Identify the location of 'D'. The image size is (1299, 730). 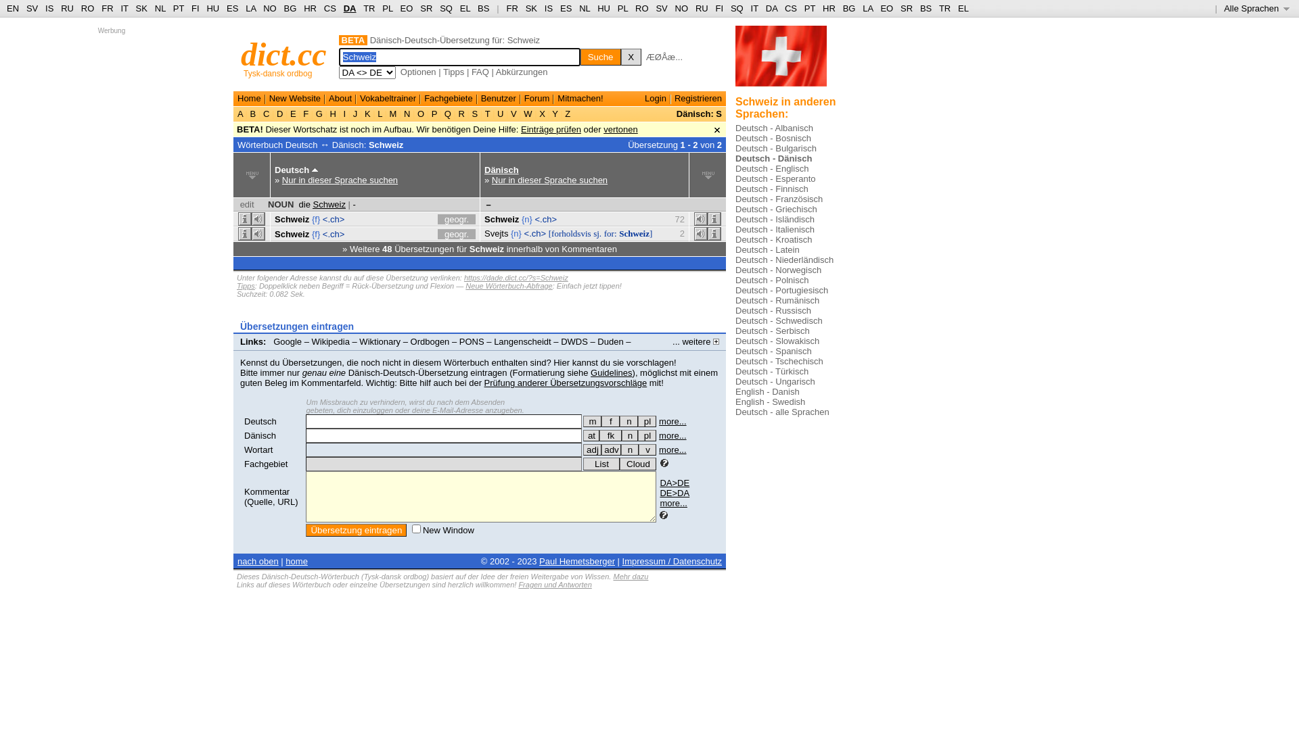
(279, 113).